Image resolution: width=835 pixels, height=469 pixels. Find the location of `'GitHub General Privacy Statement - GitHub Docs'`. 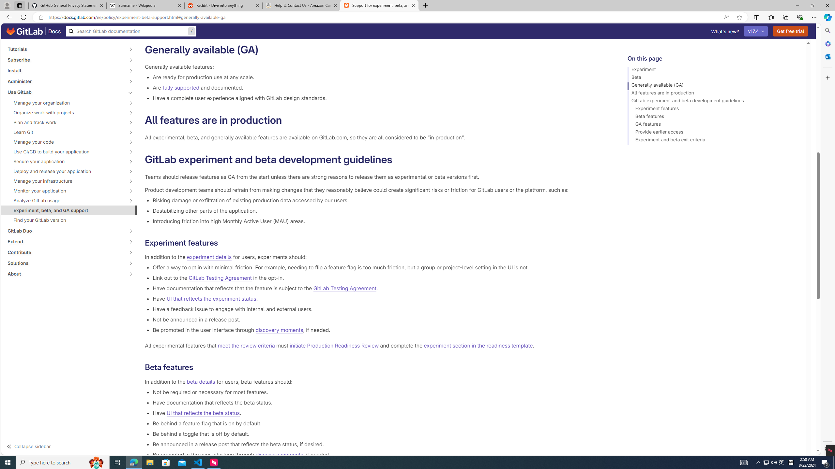

'GitHub General Privacy Statement - GitHub Docs' is located at coordinates (68, 5).